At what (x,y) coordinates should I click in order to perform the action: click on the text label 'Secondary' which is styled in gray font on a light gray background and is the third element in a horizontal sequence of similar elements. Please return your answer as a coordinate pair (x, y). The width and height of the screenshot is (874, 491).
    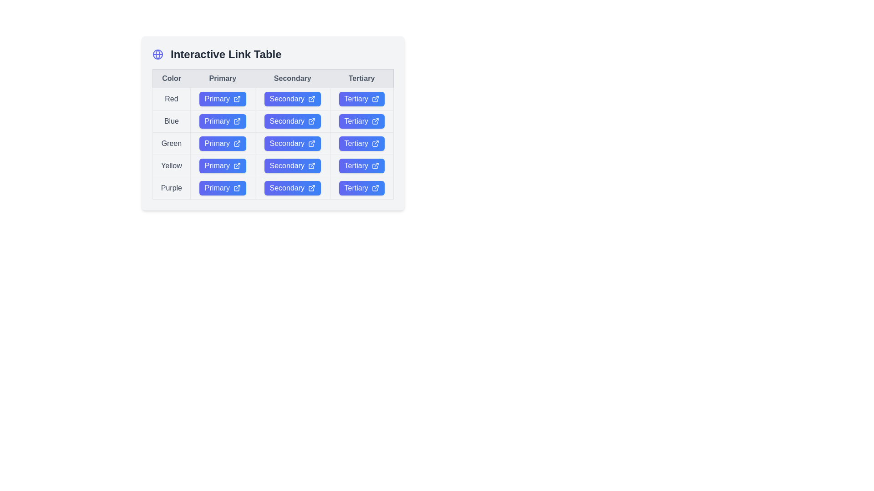
    Looking at the image, I should click on (292, 78).